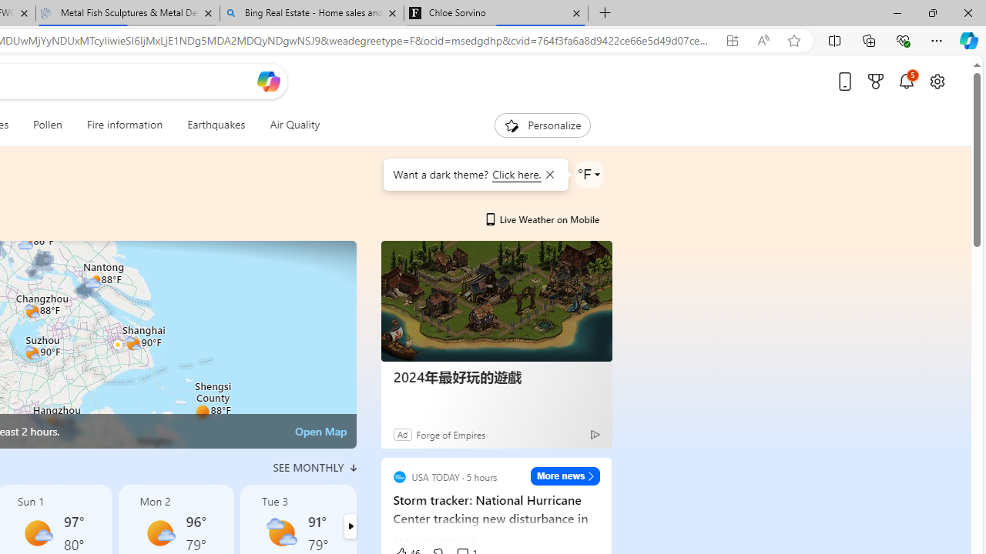  I want to click on 'Air Quality', so click(294, 125).